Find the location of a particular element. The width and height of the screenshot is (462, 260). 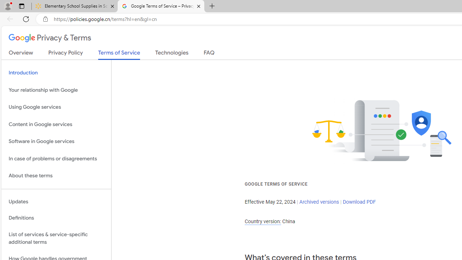

'Updates' is located at coordinates (56, 201).